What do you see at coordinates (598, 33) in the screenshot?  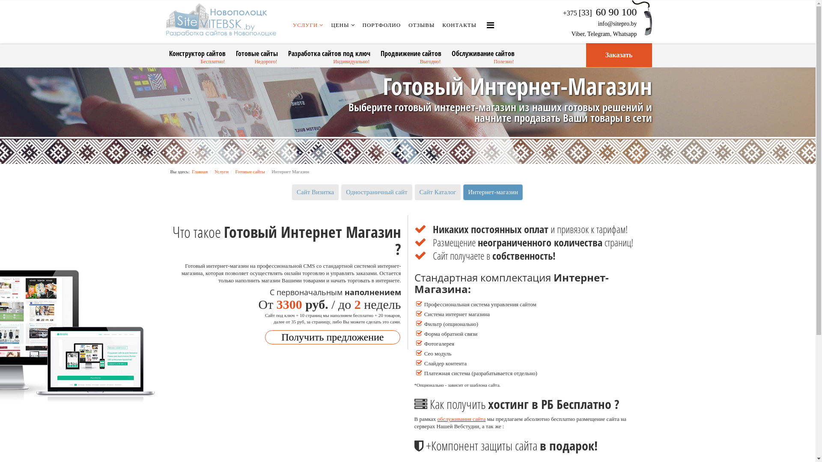 I see `'Telegram'` at bounding box center [598, 33].